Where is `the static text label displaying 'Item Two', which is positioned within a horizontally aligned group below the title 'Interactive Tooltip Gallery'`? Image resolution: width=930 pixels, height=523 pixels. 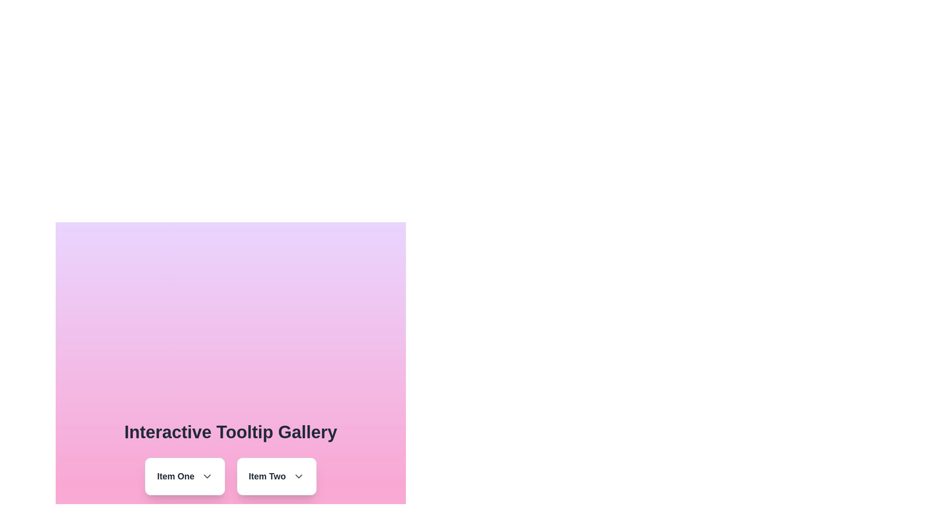
the static text label displaying 'Item Two', which is positioned within a horizontally aligned group below the title 'Interactive Tooltip Gallery' is located at coordinates (267, 476).